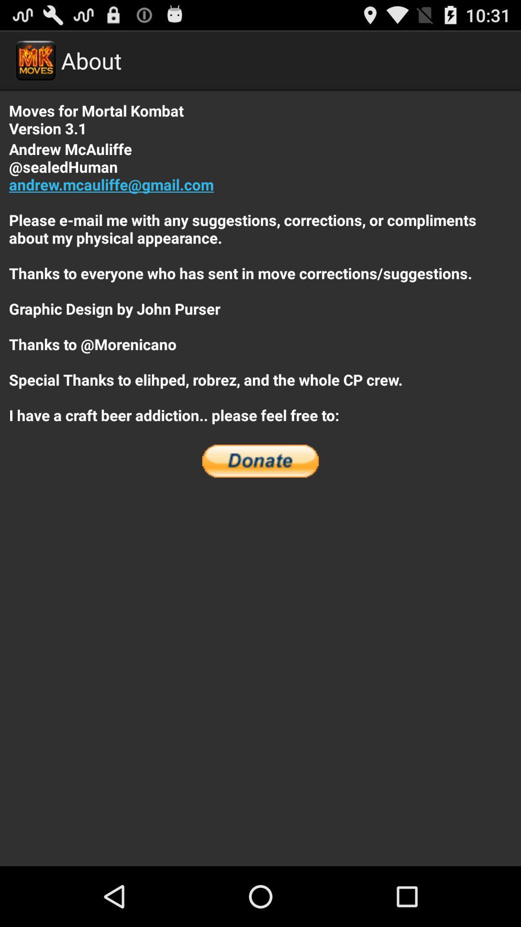 The height and width of the screenshot is (927, 521). What do you see at coordinates (260, 281) in the screenshot?
I see `the app at the top` at bounding box center [260, 281].